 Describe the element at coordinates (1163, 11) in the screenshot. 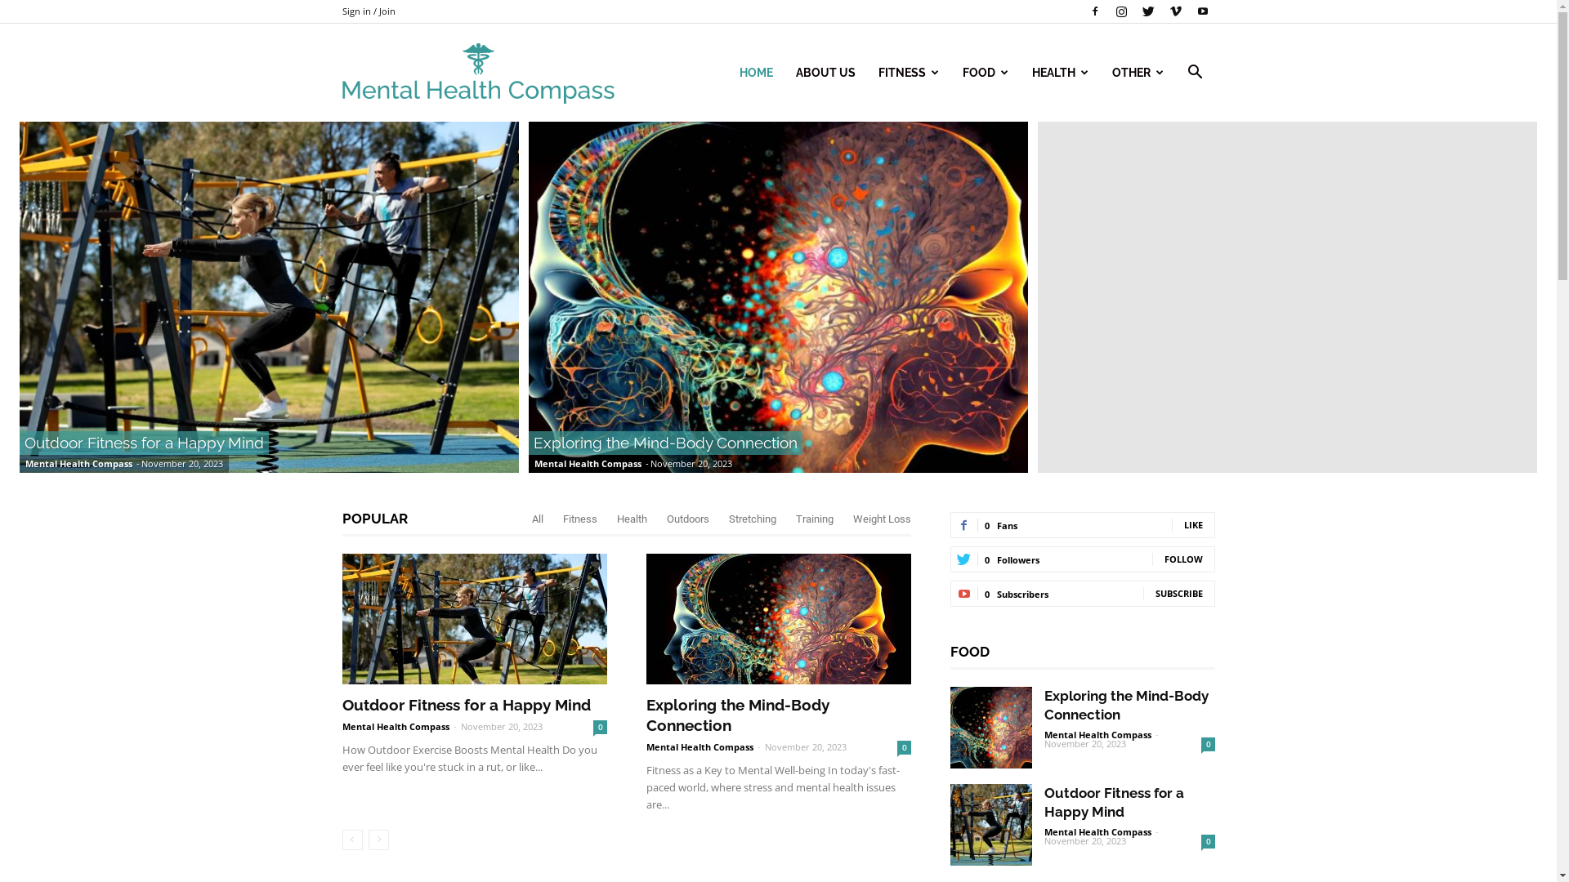

I see `'Vimeo'` at that location.